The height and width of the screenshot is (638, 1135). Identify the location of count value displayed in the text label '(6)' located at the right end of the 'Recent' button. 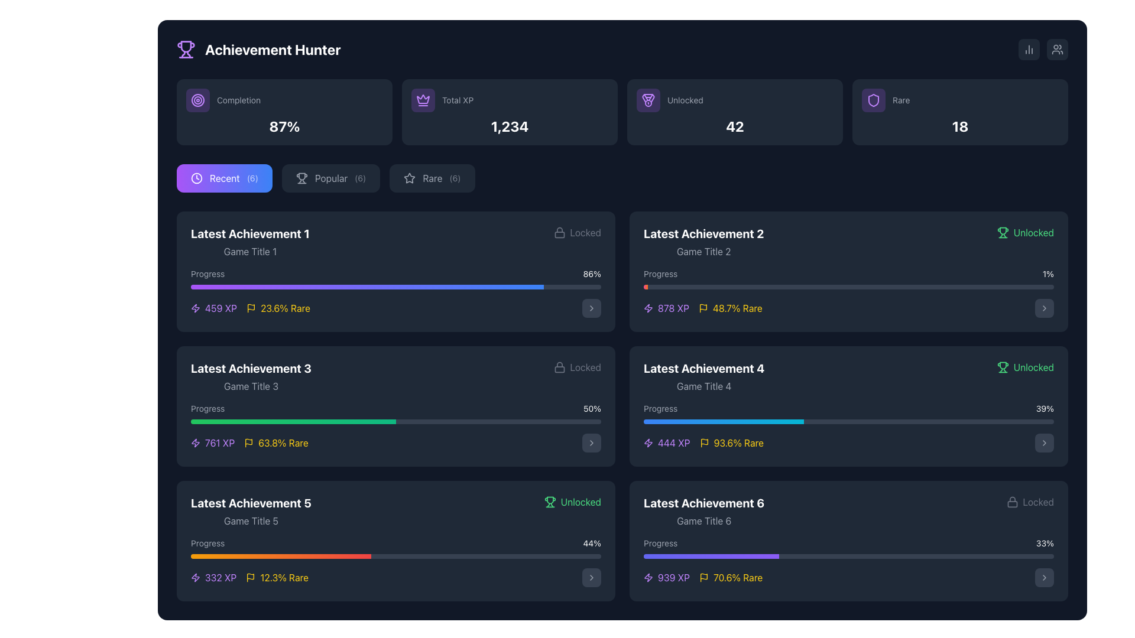
(252, 178).